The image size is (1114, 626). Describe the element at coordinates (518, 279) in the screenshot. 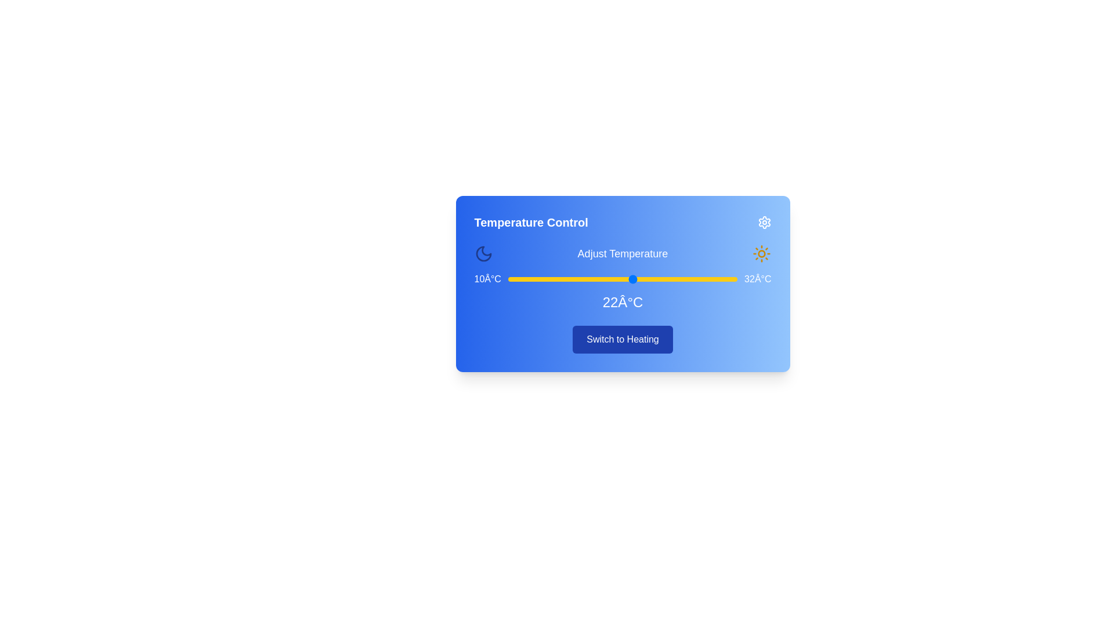

I see `the temperature to 11°C by sliding the temperature slider` at that location.